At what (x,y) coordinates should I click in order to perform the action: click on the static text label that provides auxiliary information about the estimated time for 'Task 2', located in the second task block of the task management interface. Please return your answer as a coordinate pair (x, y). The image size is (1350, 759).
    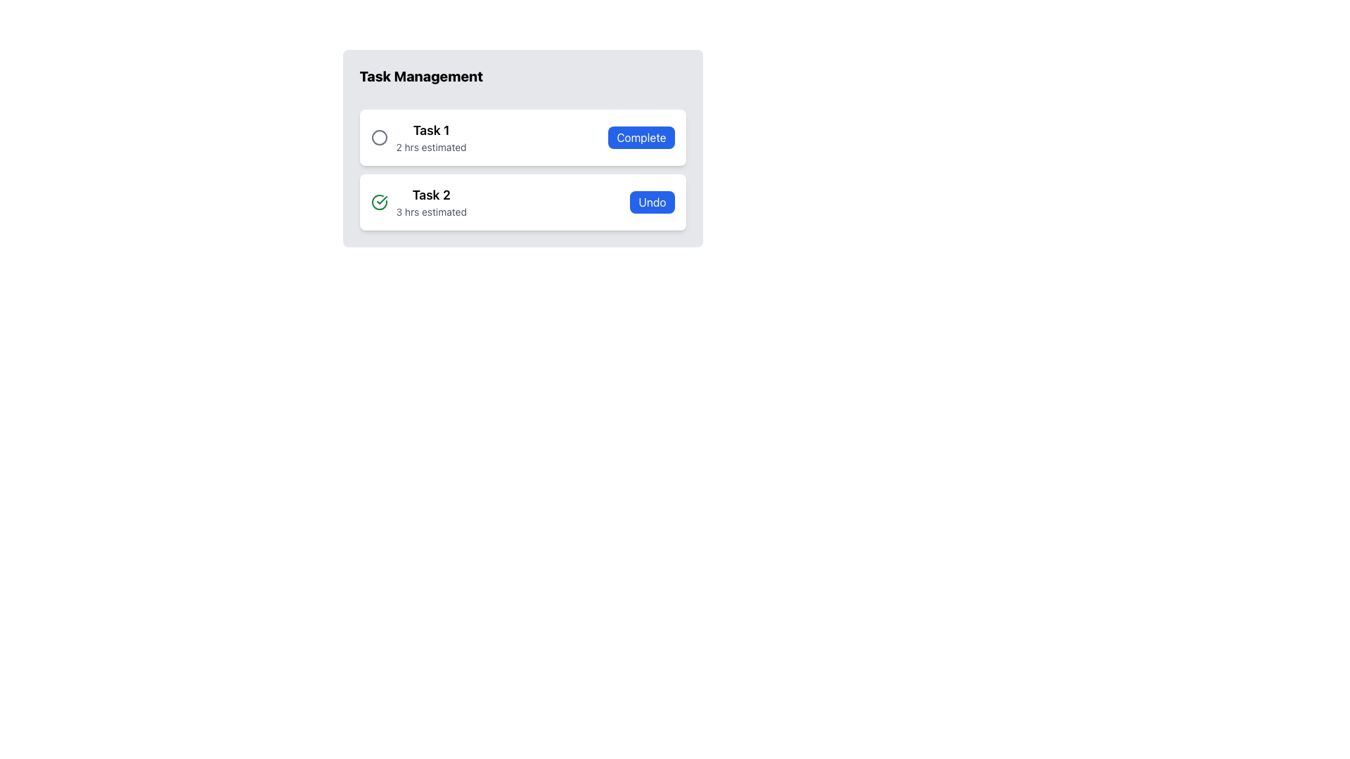
    Looking at the image, I should click on (430, 212).